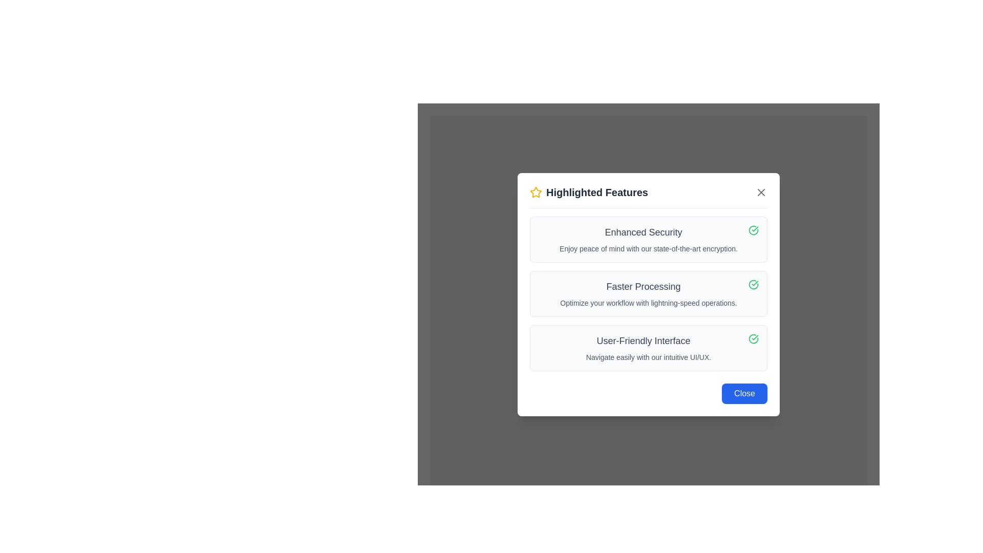 Image resolution: width=983 pixels, height=553 pixels. What do you see at coordinates (535, 192) in the screenshot?
I see `the star icon with a yellow outline, which is located to the left of the 'Highlighted Features' text in the header section of the modal dialog` at bounding box center [535, 192].